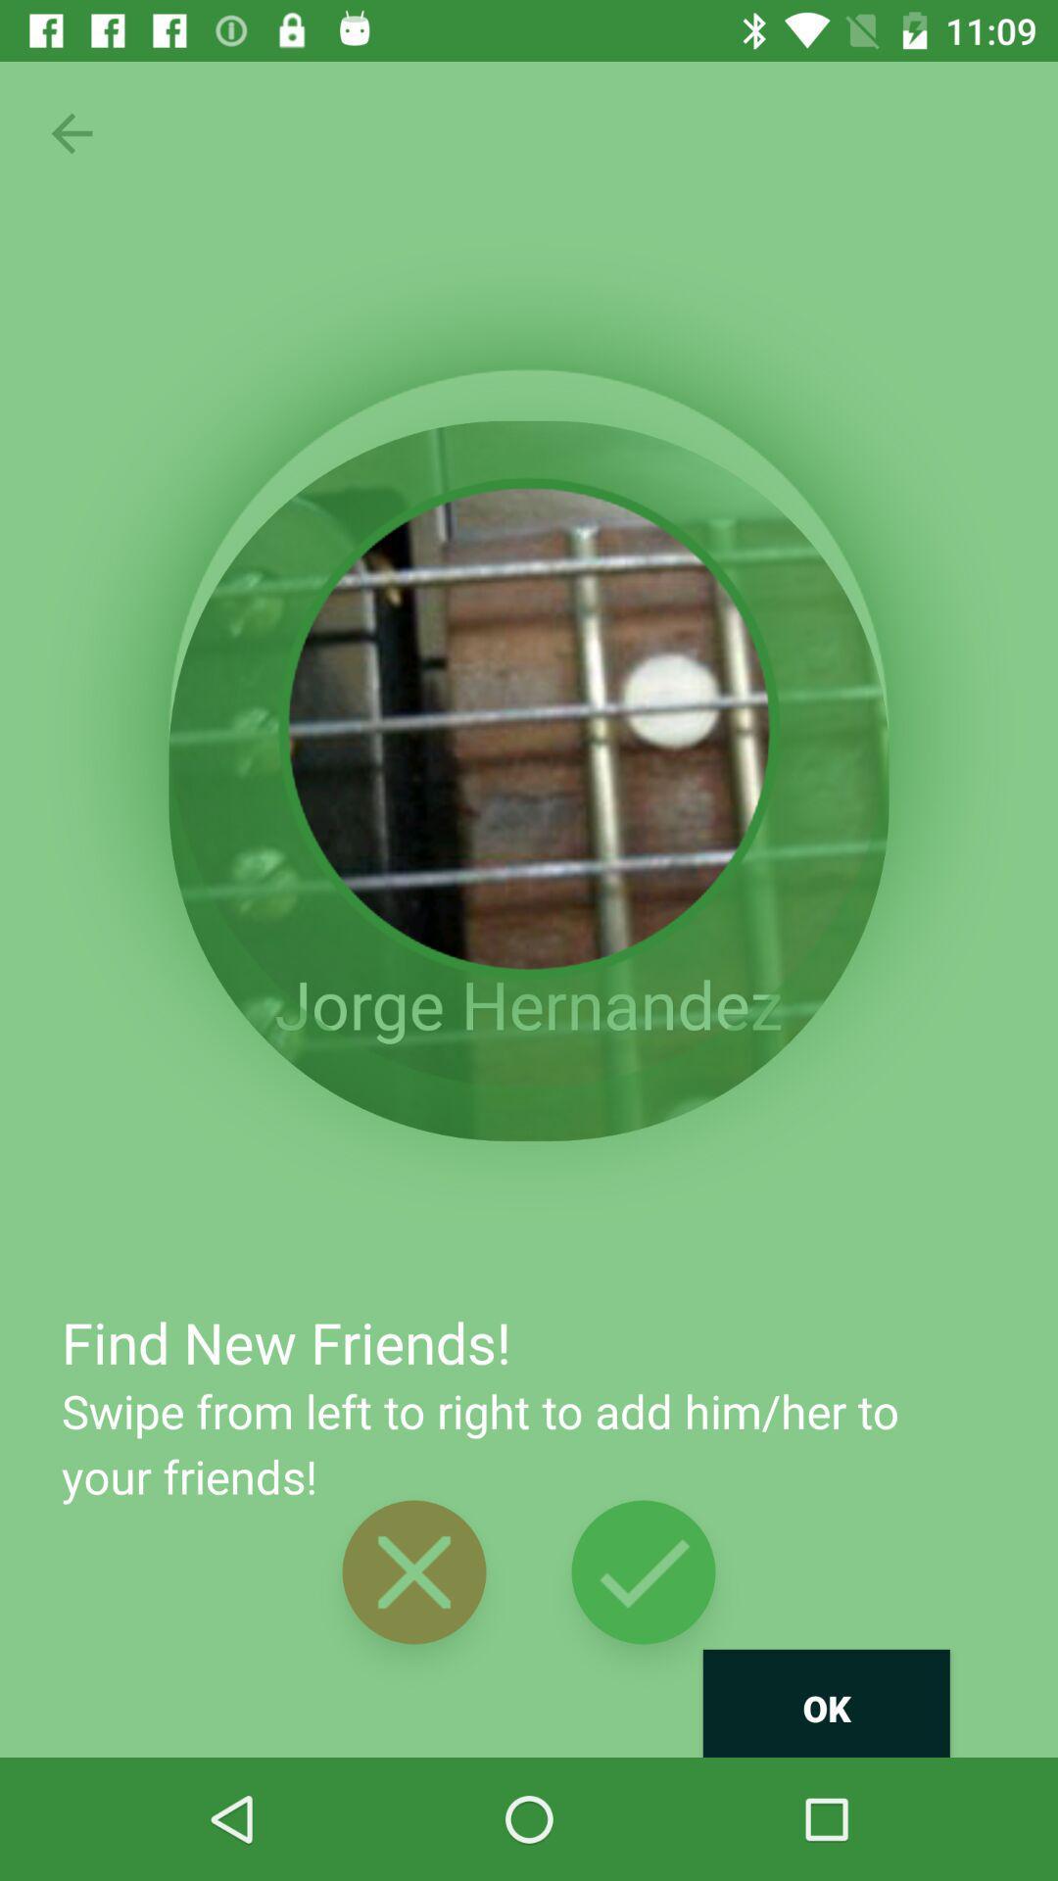  I want to click on close, so click(413, 1571).